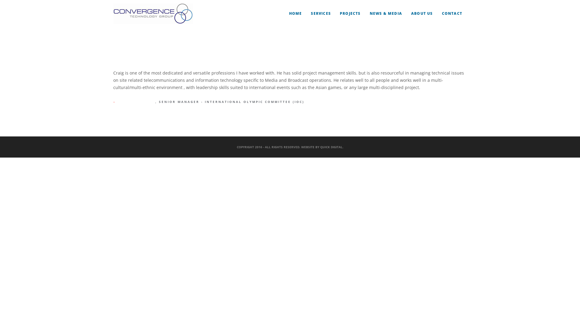  What do you see at coordinates (311, 14) in the screenshot?
I see `'SERVICES'` at bounding box center [311, 14].